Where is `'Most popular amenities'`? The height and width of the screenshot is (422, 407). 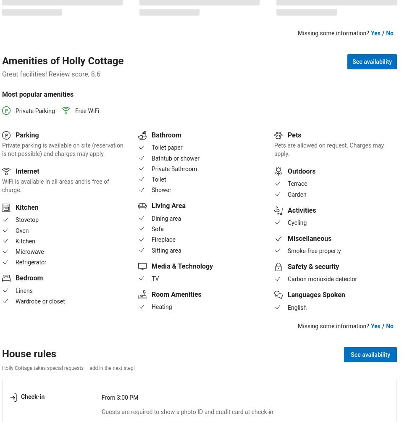
'Most popular amenities' is located at coordinates (38, 93).